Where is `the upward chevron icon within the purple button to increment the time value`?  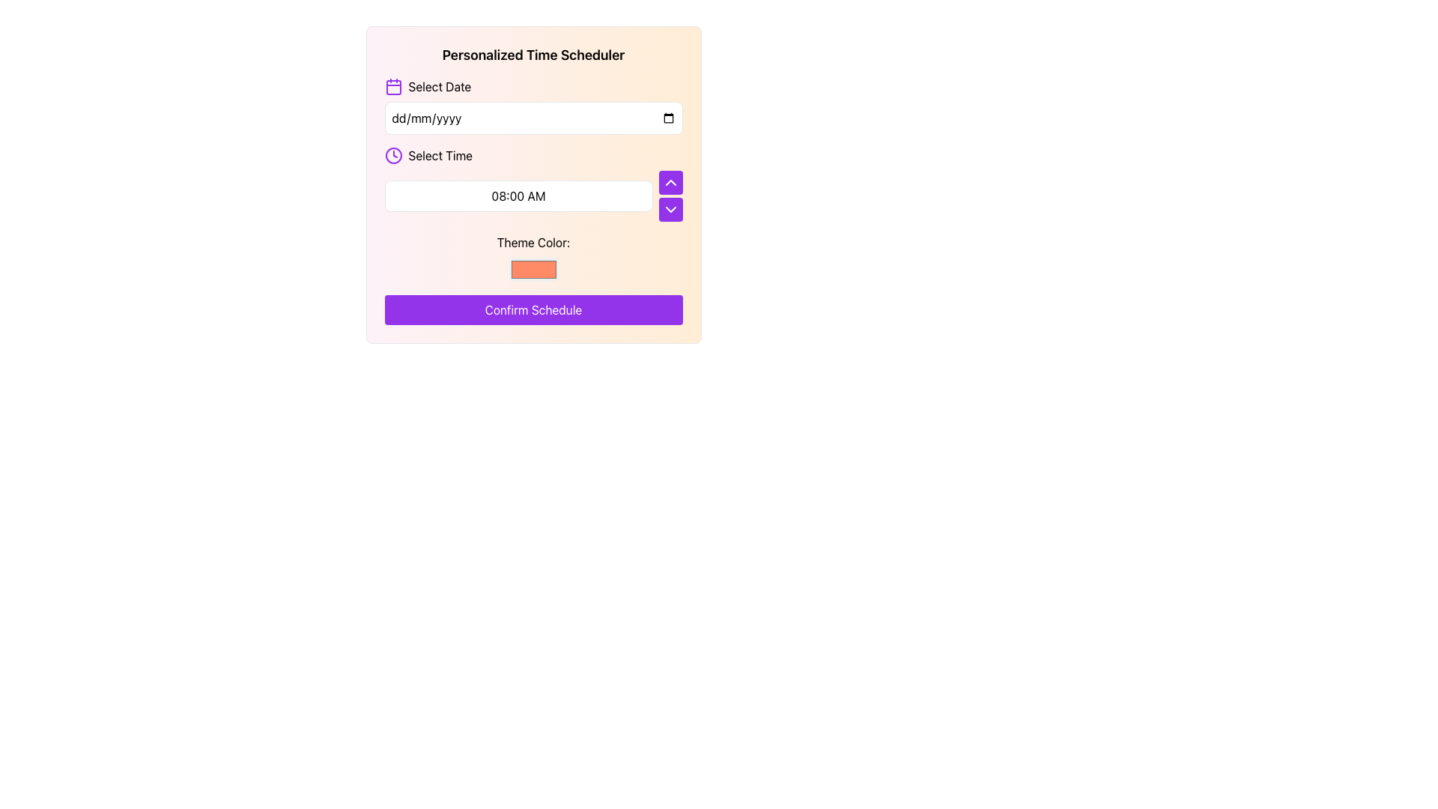
the upward chevron icon within the purple button to increment the time value is located at coordinates (670, 181).